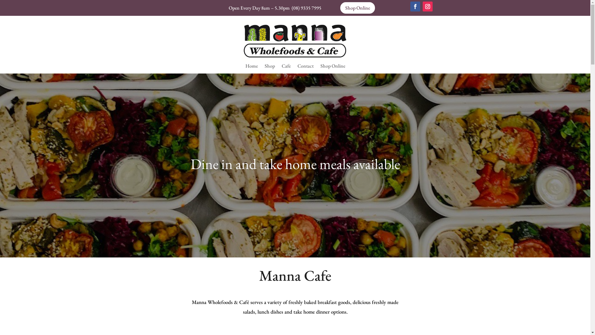 This screenshot has height=335, width=595. Describe the element at coordinates (305, 67) in the screenshot. I see `'Contact'` at that location.